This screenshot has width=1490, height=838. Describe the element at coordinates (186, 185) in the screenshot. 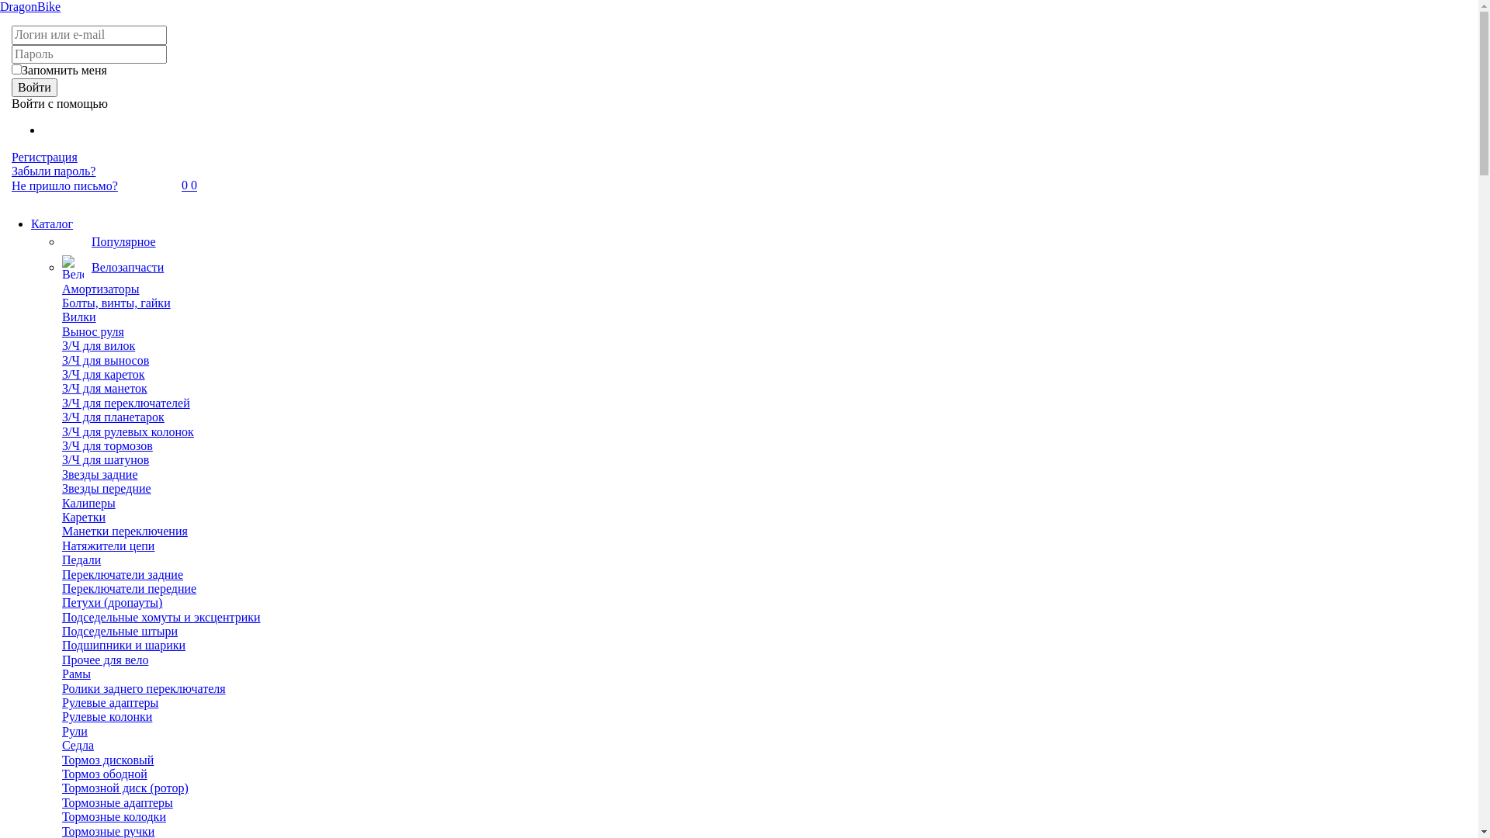

I see `'0'` at that location.